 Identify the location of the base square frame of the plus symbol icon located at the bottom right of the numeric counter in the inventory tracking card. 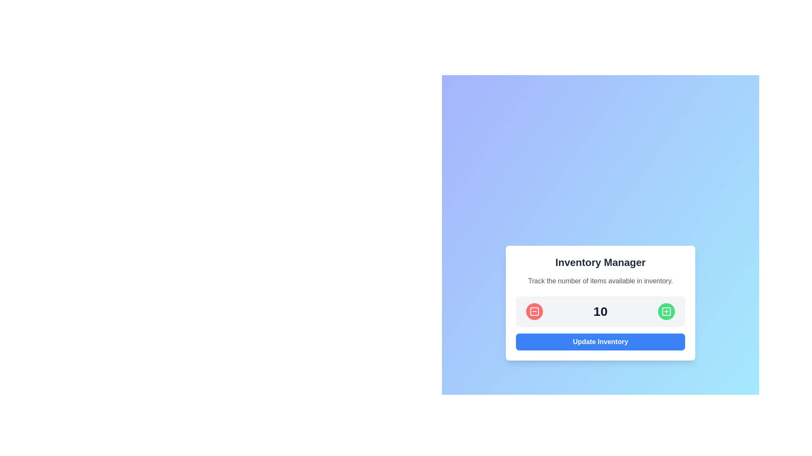
(666, 311).